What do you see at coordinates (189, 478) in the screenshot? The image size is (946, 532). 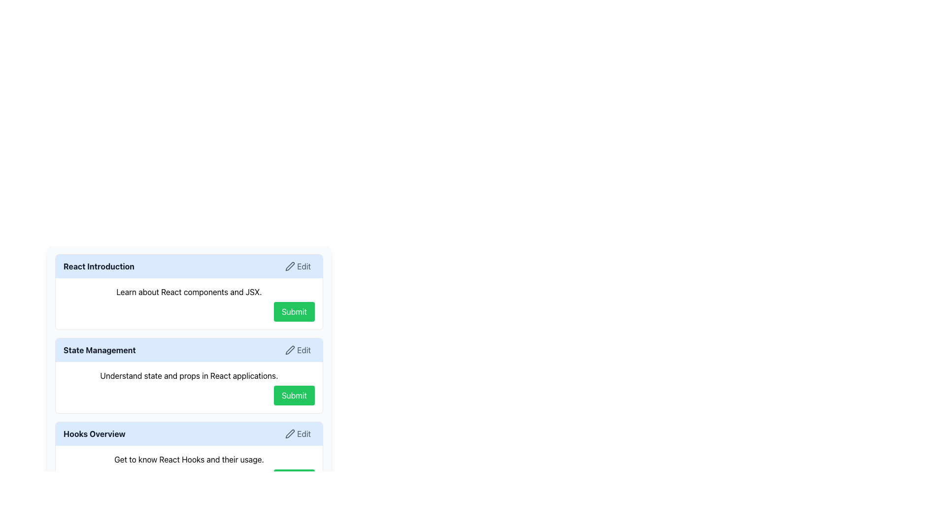 I see `the third 'Submit' button located at the bottom right of the card containing 'Get to know React Hooks and their usage.' to change its color` at bounding box center [189, 478].